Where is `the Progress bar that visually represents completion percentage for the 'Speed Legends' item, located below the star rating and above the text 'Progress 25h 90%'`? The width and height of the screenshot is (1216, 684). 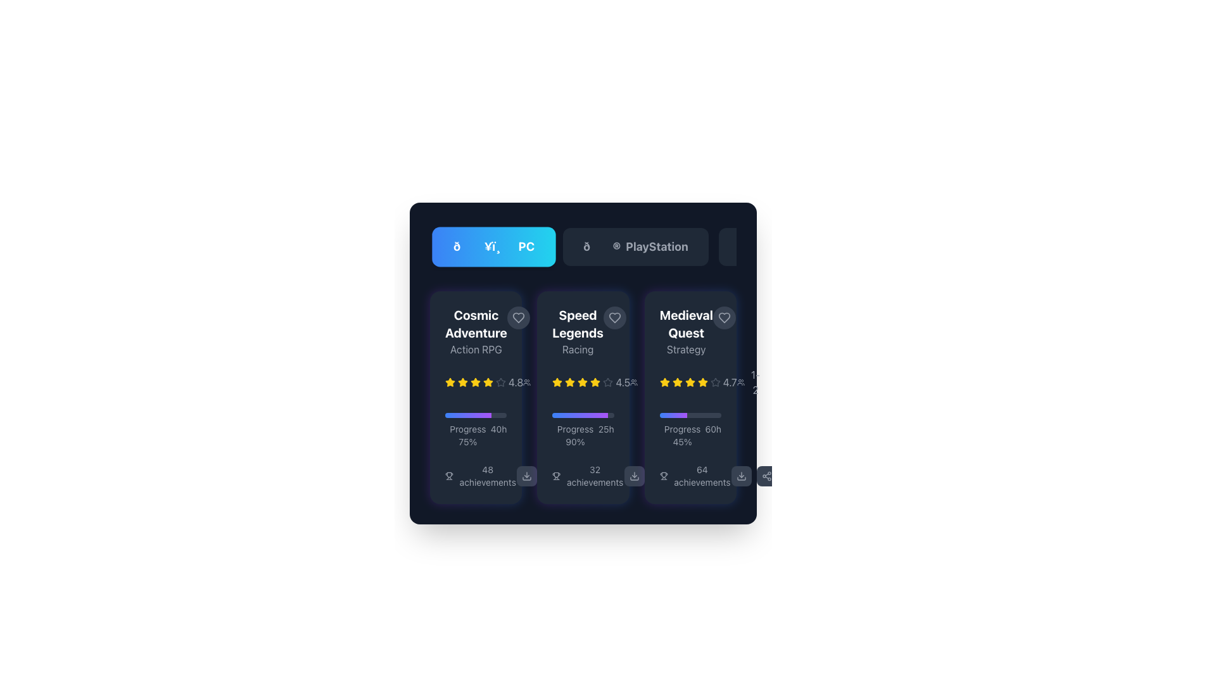 the Progress bar that visually represents completion percentage for the 'Speed Legends' item, located below the star rating and above the text 'Progress 25h 90%' is located at coordinates (583, 415).